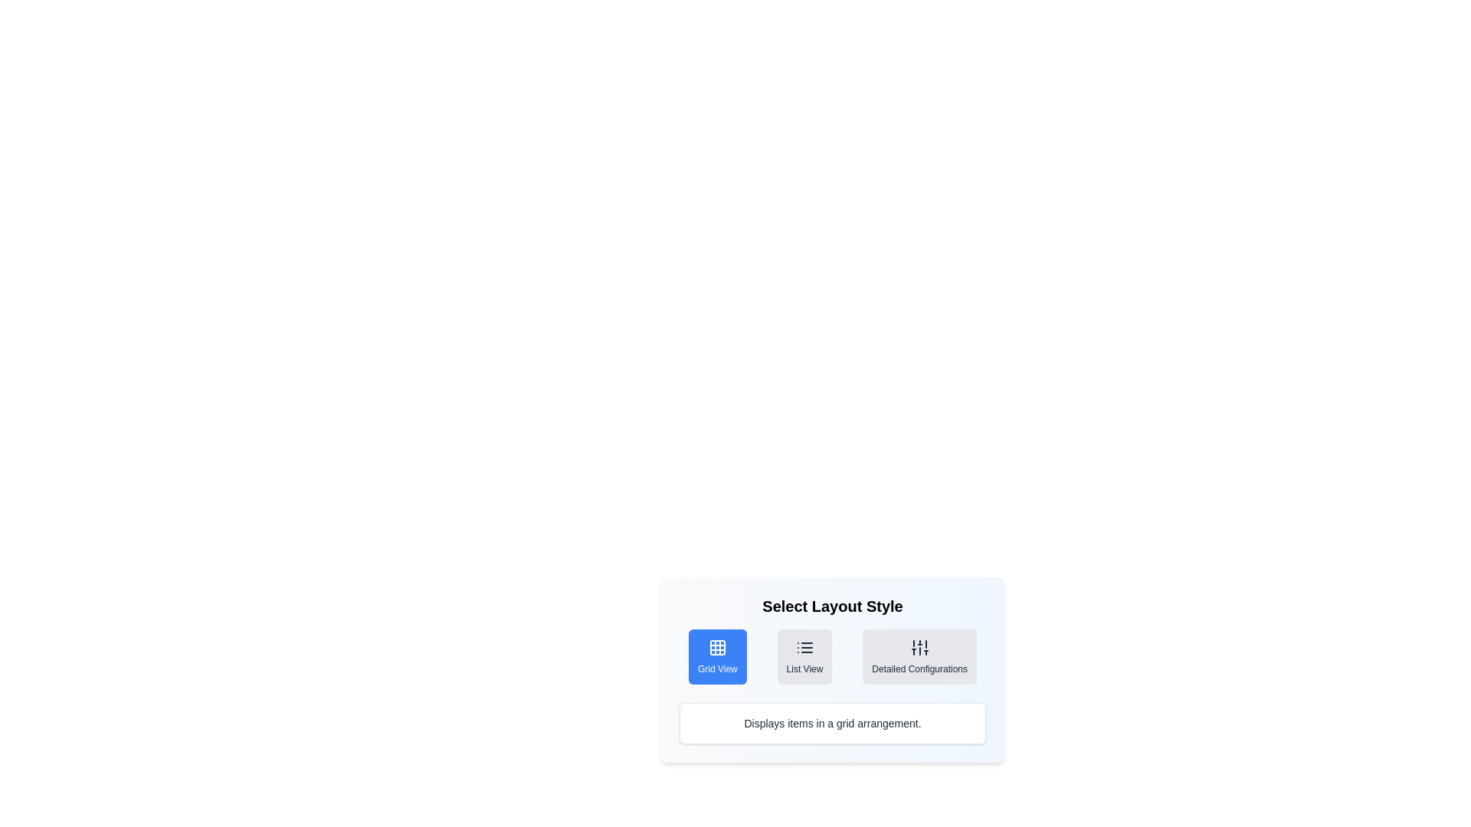 The image size is (1471, 827). What do you see at coordinates (804, 655) in the screenshot?
I see `the layout style button for List View` at bounding box center [804, 655].